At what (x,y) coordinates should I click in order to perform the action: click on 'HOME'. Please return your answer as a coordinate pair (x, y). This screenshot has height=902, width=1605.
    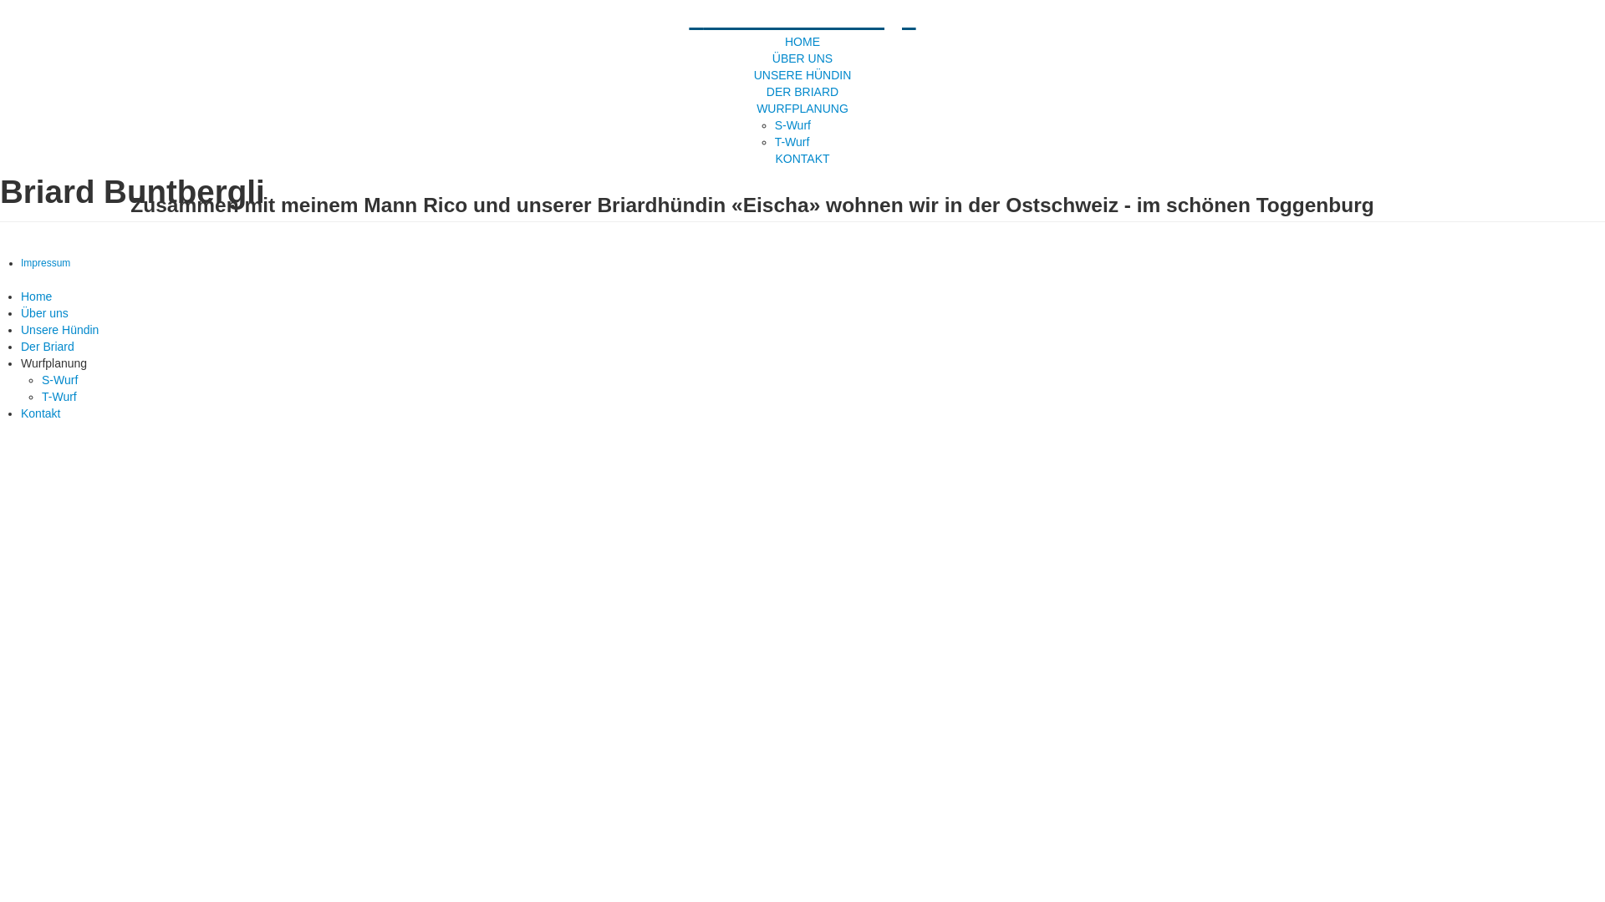
    Looking at the image, I should click on (802, 41).